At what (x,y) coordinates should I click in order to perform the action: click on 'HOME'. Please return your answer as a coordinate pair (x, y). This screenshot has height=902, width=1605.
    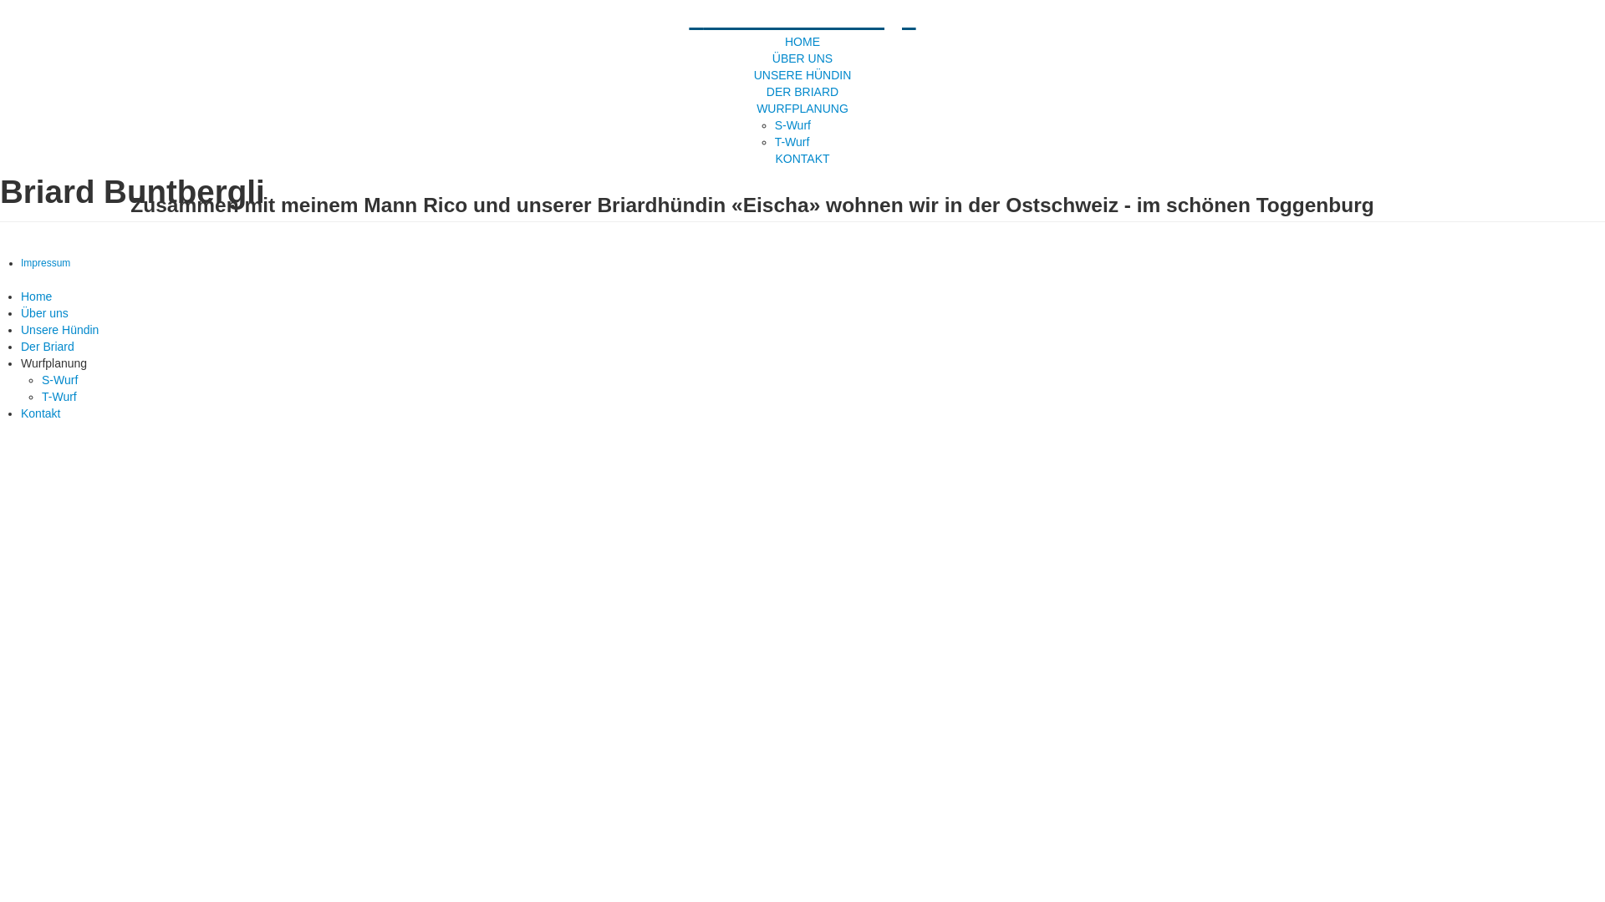
    Looking at the image, I should click on (802, 41).